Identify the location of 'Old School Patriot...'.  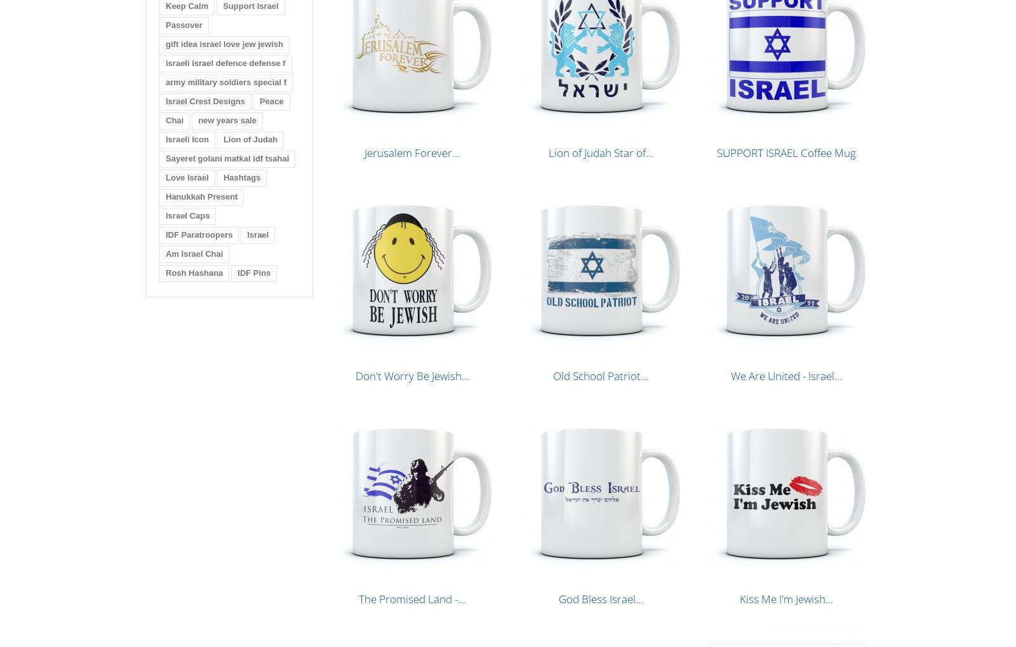
(600, 375).